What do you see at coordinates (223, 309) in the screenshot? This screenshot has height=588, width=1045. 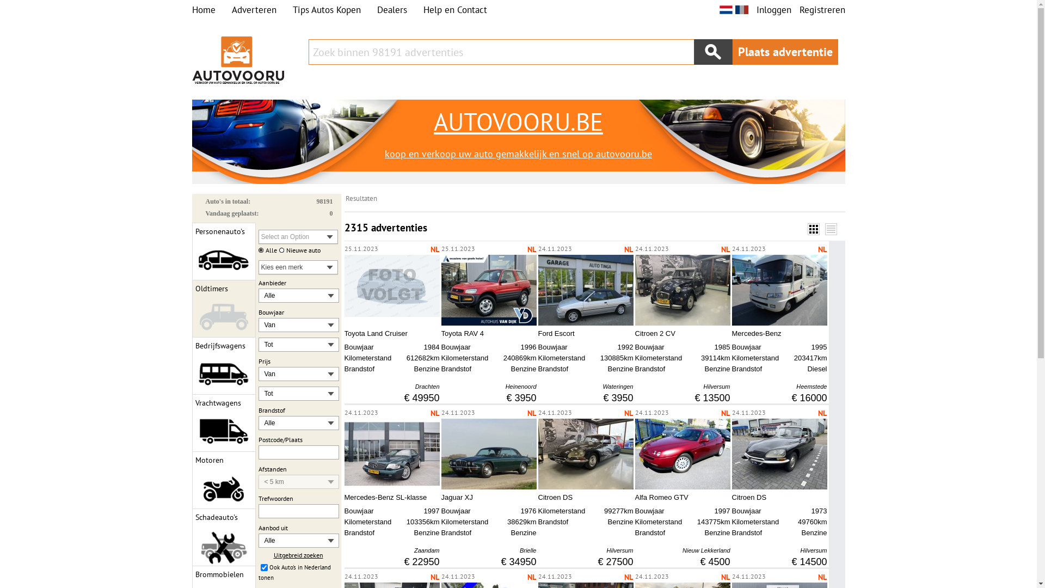 I see `'Oldtimers'` at bounding box center [223, 309].